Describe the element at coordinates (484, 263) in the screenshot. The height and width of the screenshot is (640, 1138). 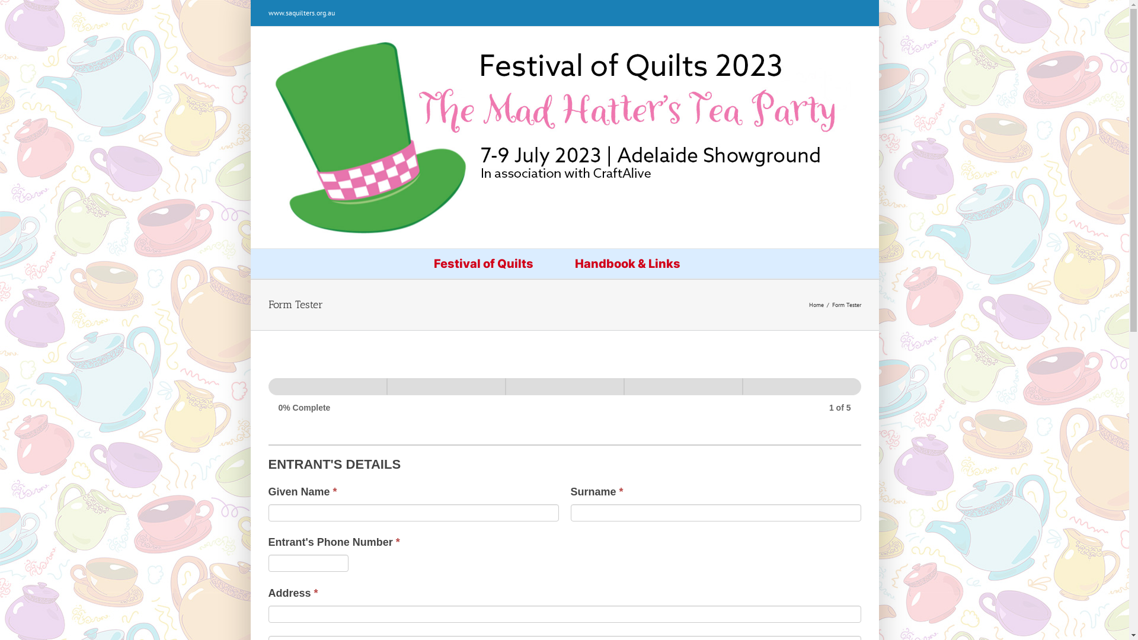
I see `'Festival of Quilts'` at that location.